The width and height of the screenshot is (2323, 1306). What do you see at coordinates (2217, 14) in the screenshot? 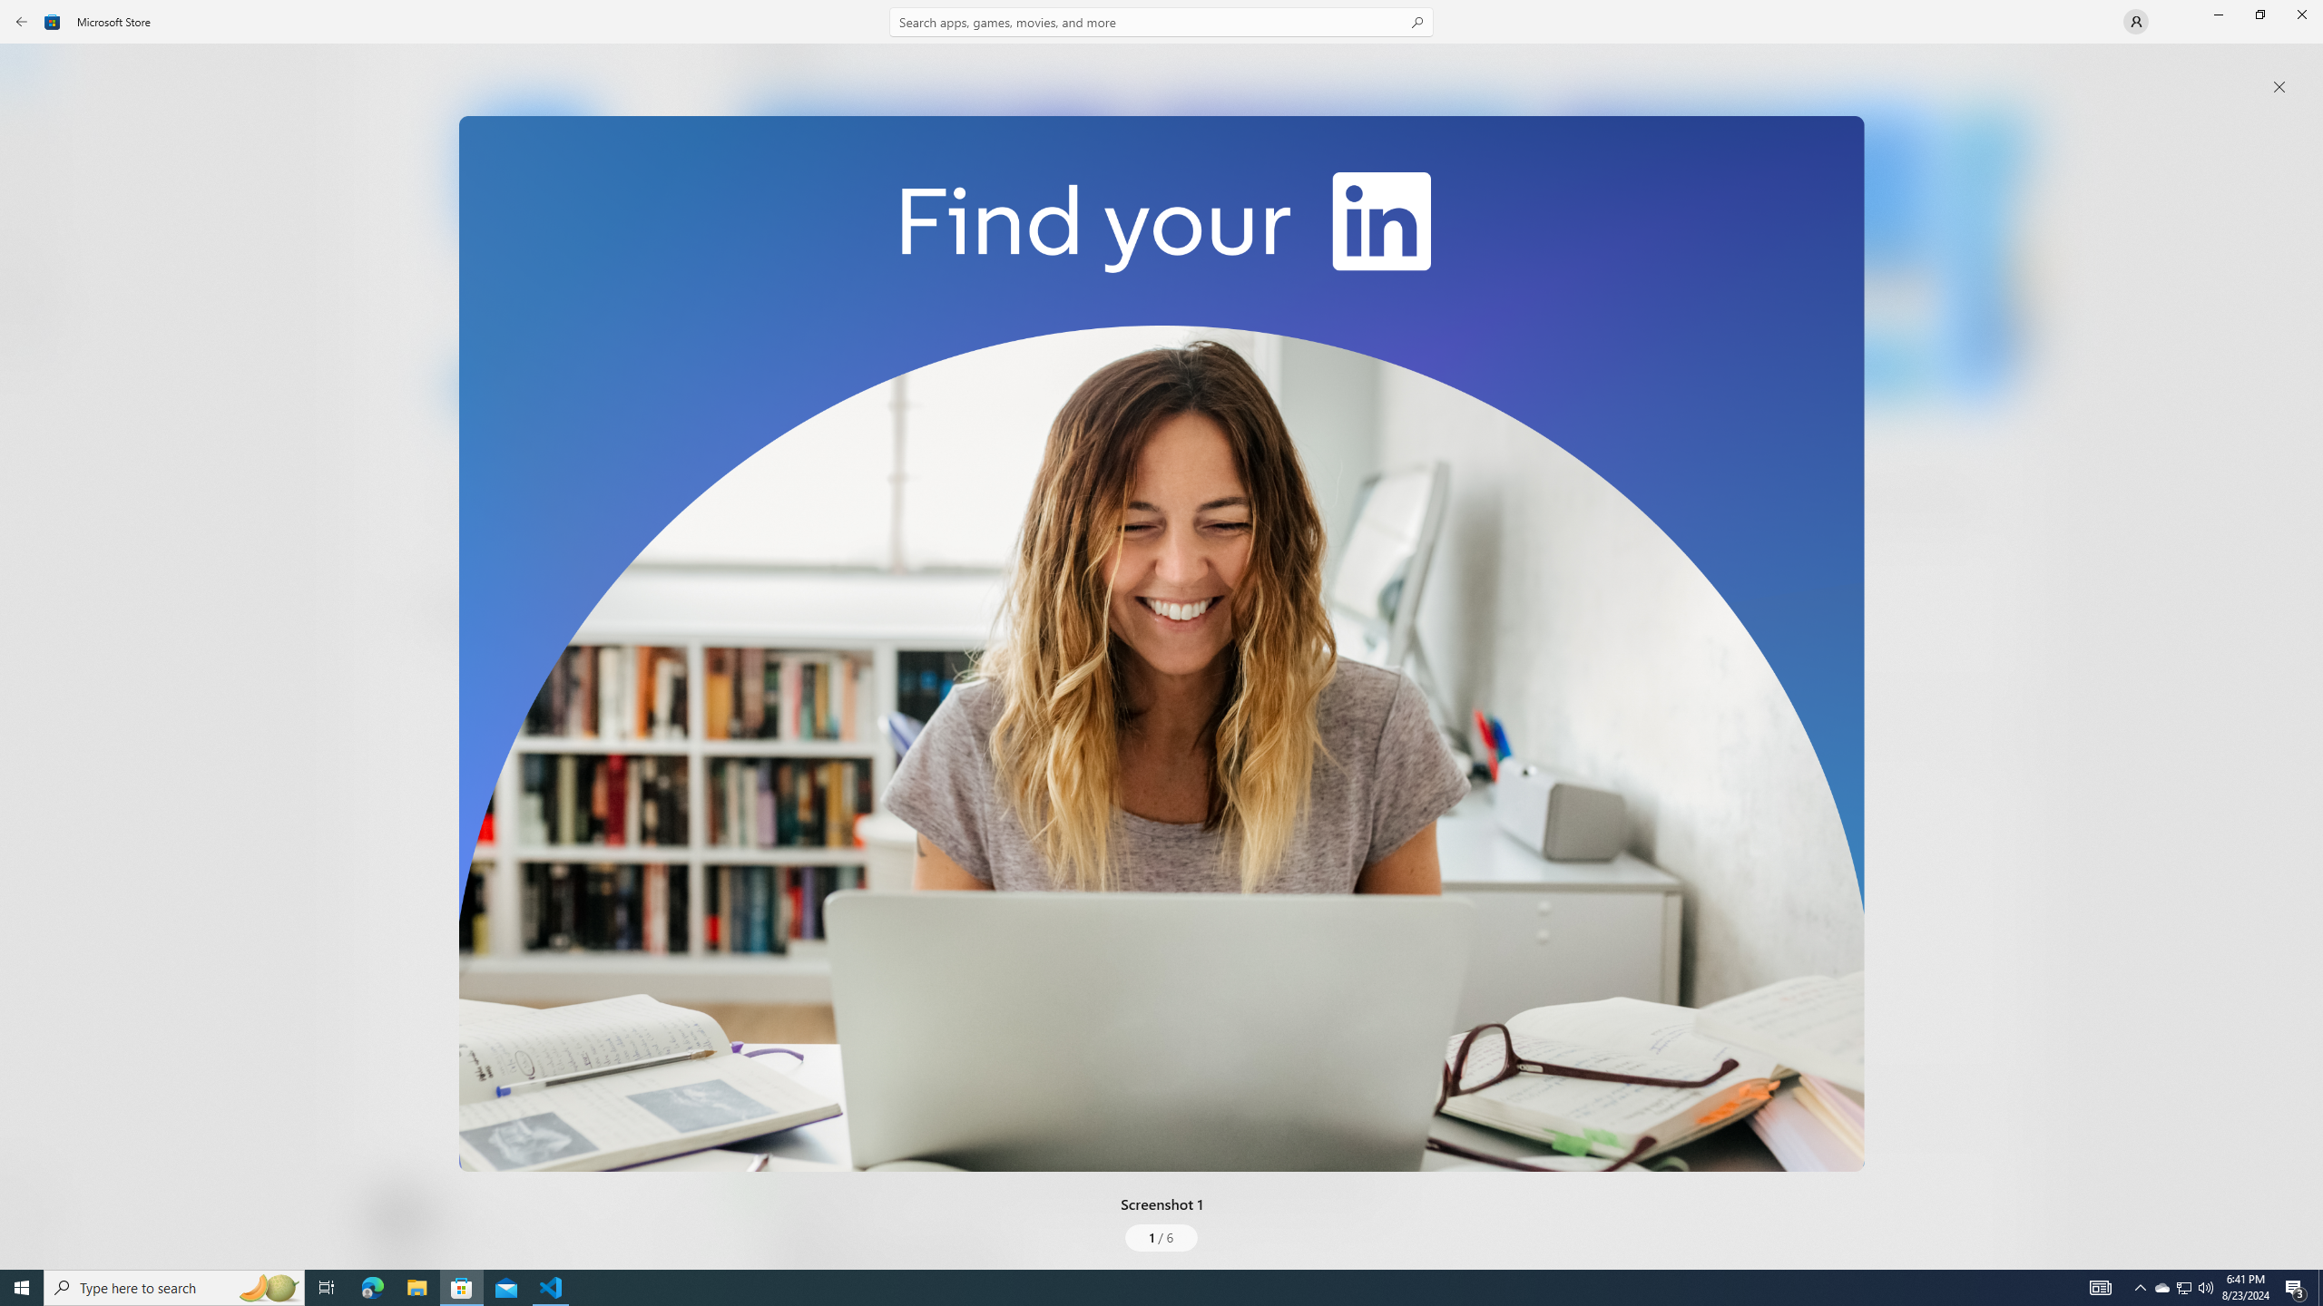
I see `'Minimize Microsoft Store'` at bounding box center [2217, 14].